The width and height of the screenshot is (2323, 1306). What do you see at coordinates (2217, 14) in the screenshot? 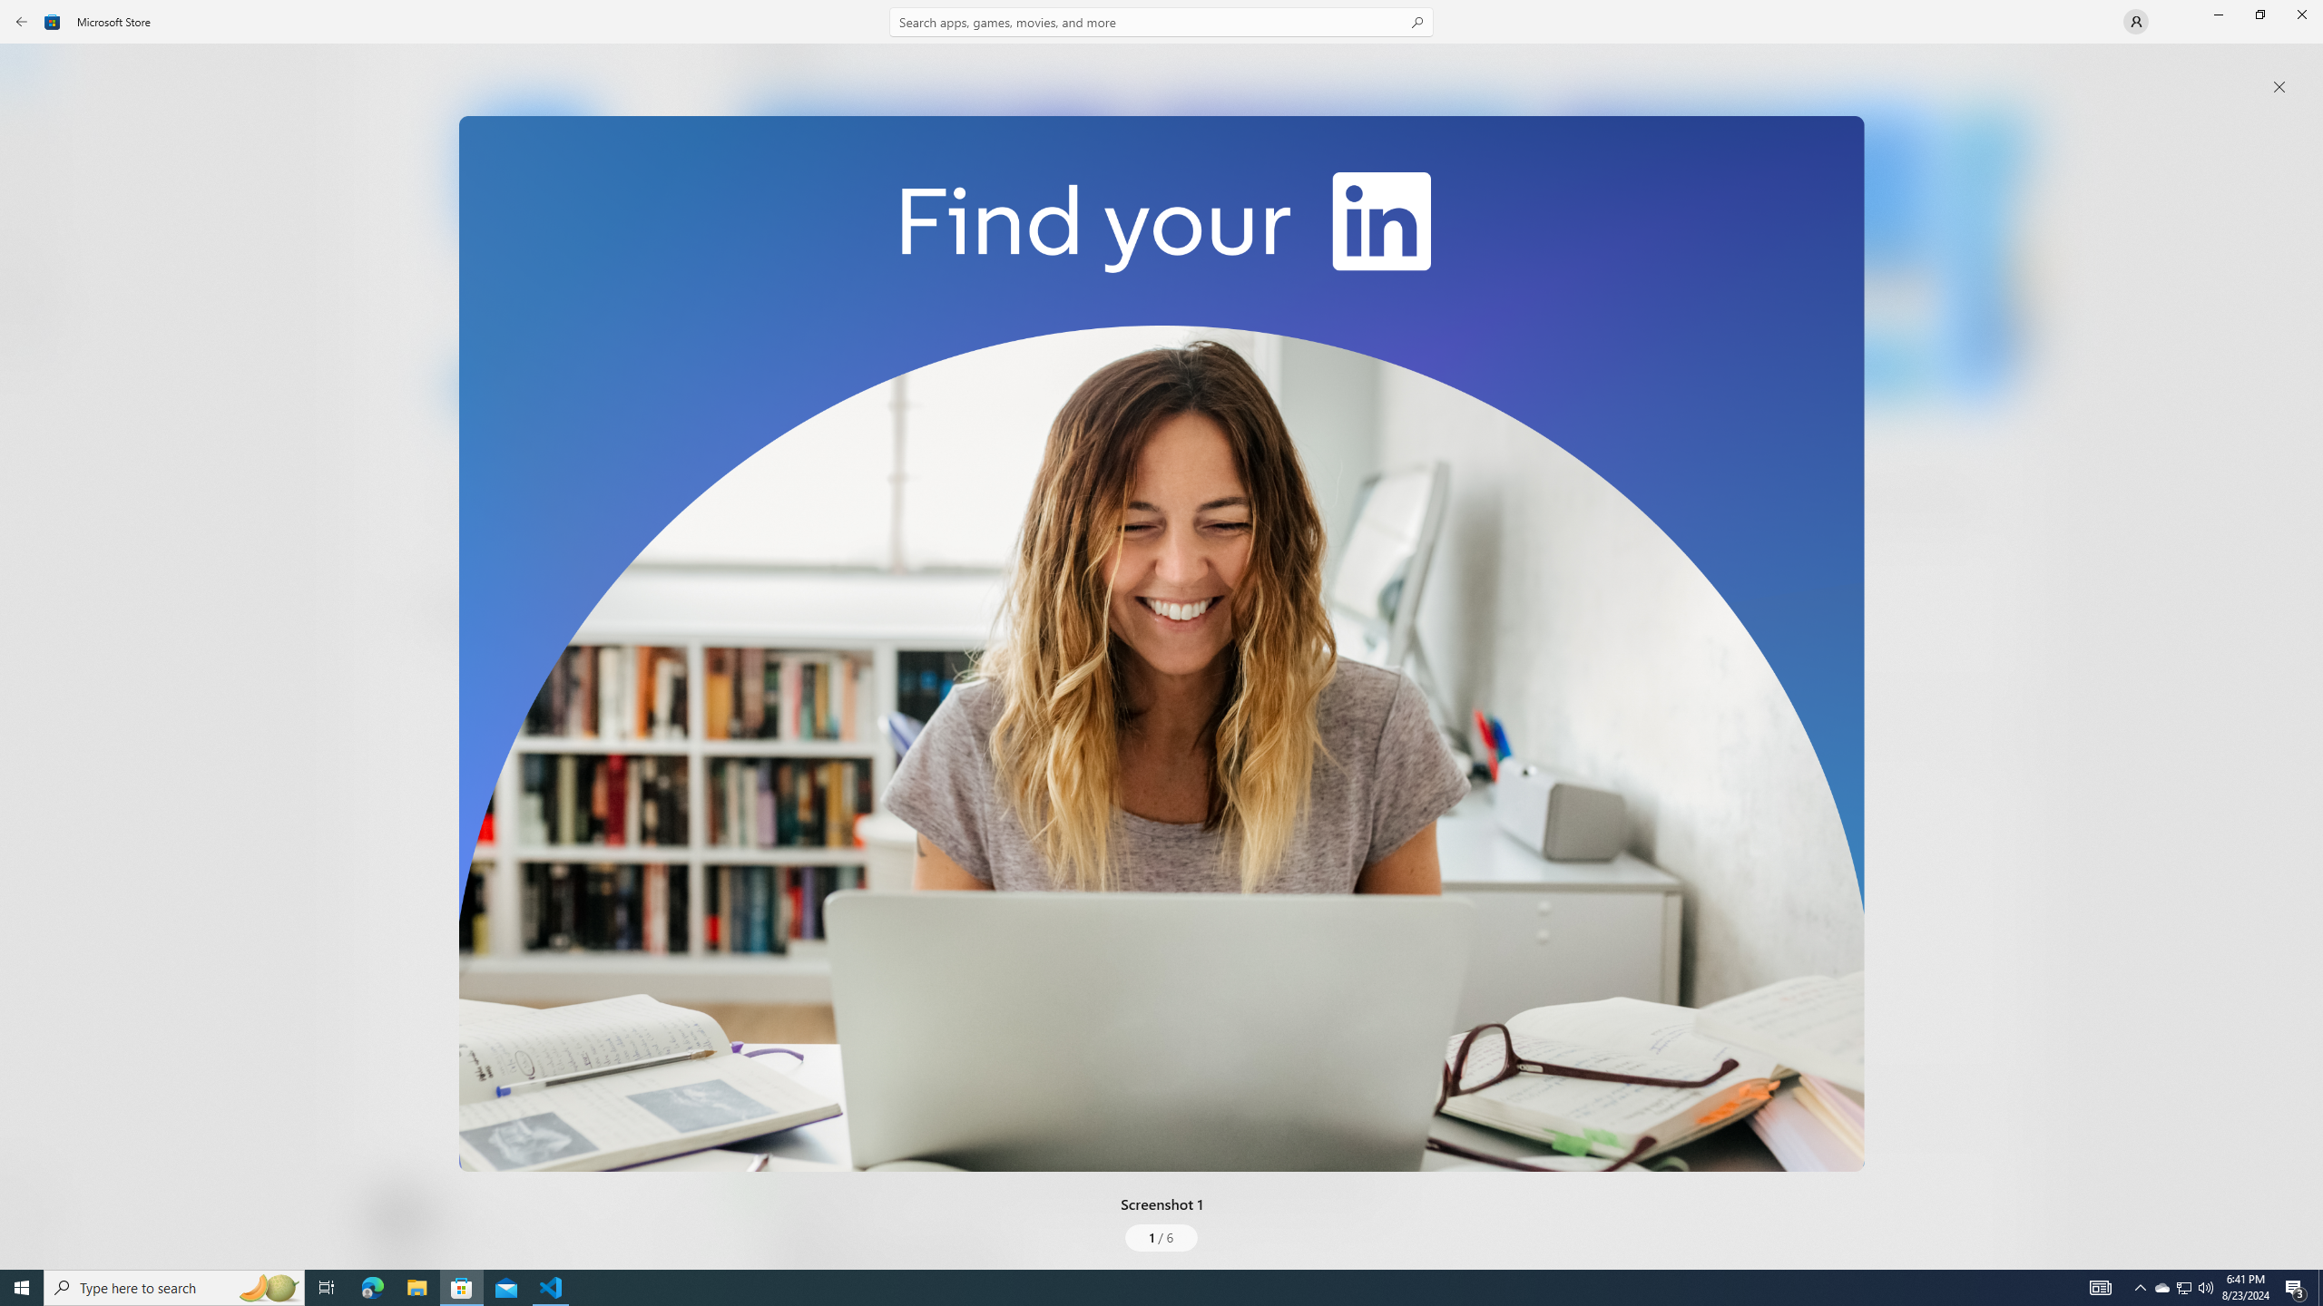
I see `'Minimize Microsoft Store'` at bounding box center [2217, 14].